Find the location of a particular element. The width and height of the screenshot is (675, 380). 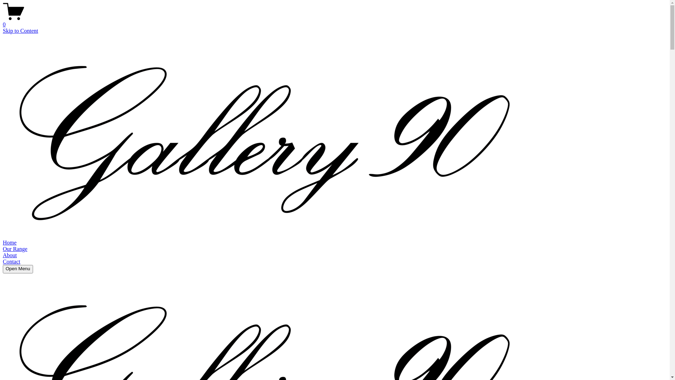

'Contact' is located at coordinates (12, 261).